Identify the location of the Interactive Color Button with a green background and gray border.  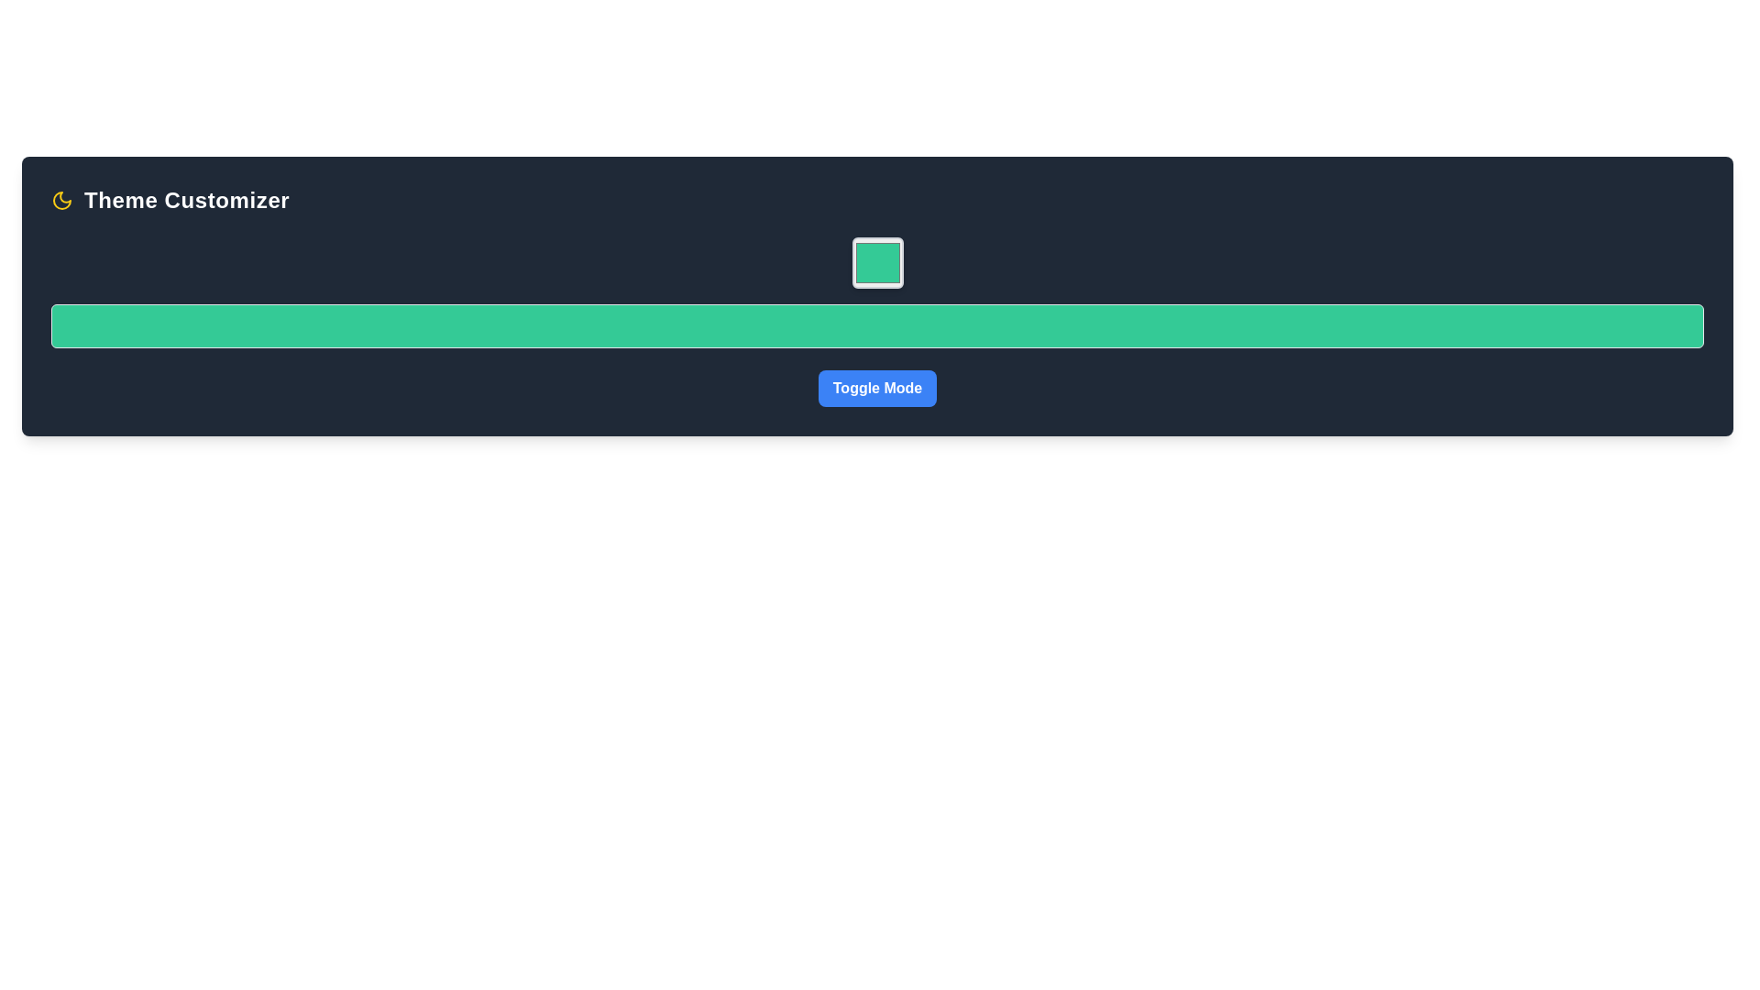
(876, 262).